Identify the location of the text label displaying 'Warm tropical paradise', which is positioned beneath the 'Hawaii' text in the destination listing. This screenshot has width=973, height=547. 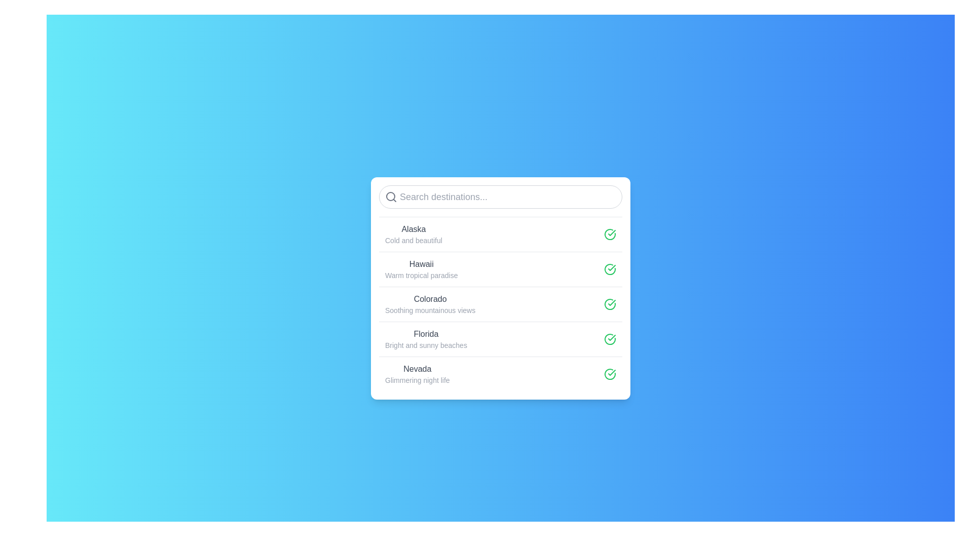
(421, 275).